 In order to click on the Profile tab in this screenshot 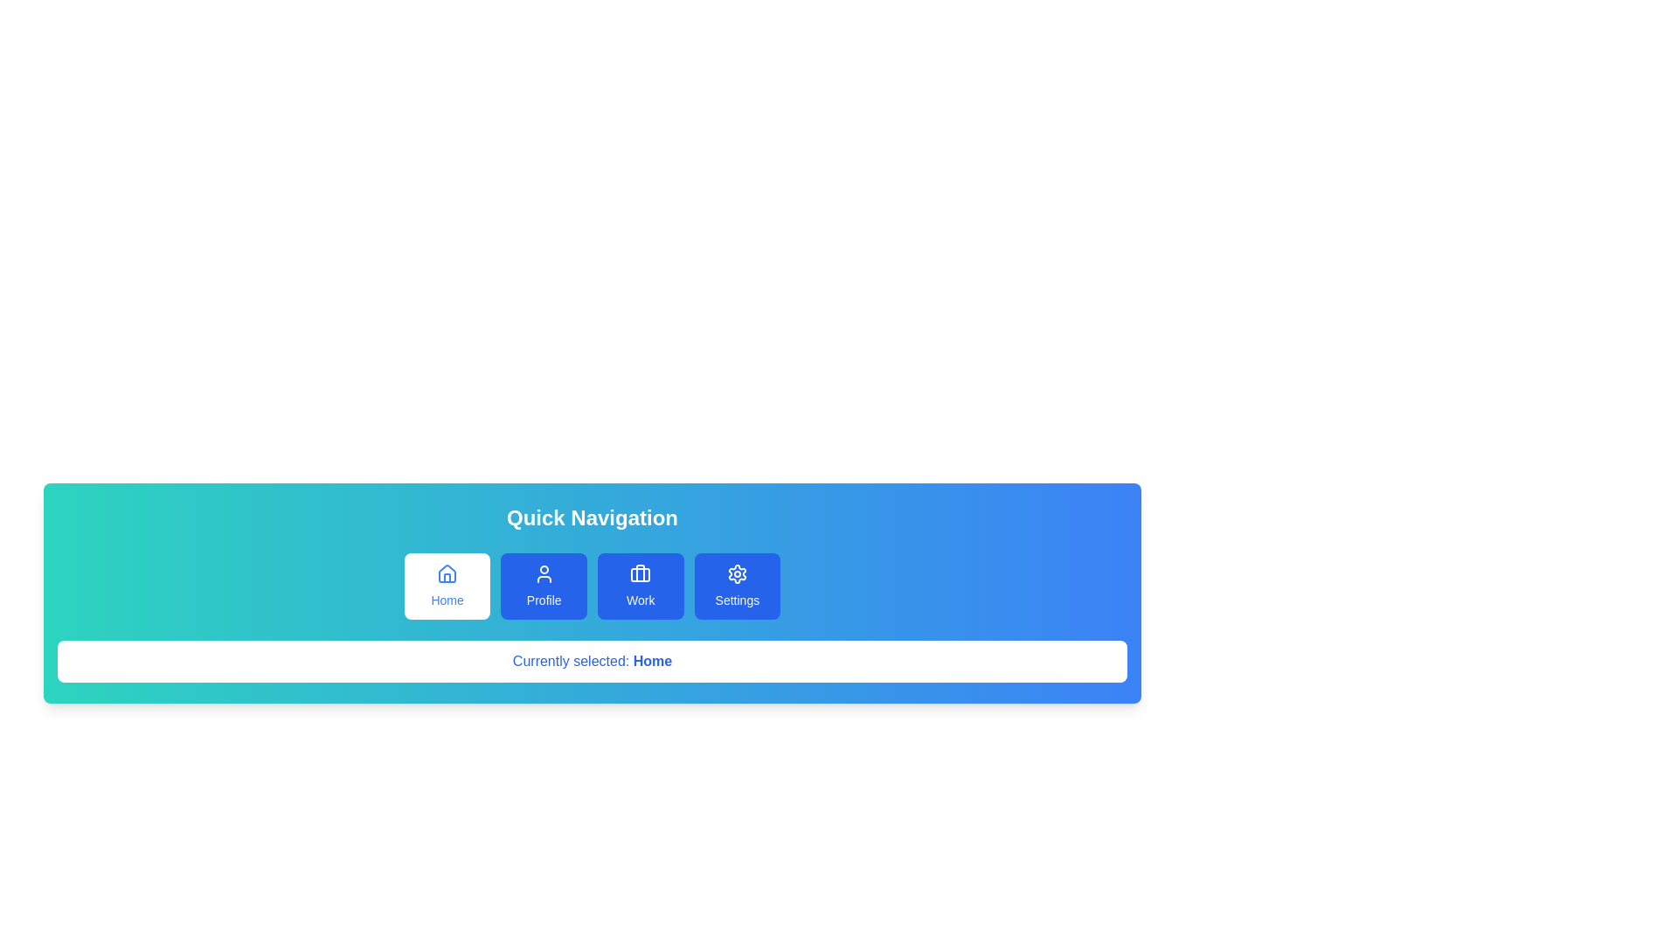, I will do `click(543, 587)`.